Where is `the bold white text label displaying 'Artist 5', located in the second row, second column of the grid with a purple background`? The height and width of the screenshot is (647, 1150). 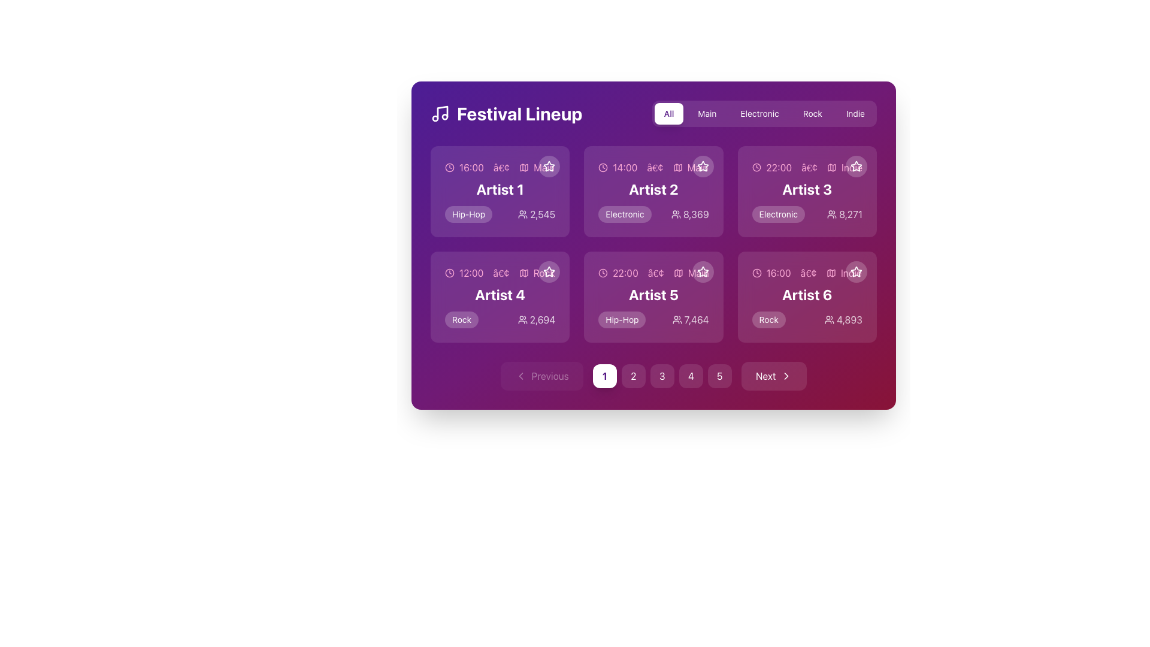
the bold white text label displaying 'Artist 5', located in the second row, second column of the grid with a purple background is located at coordinates (653, 295).